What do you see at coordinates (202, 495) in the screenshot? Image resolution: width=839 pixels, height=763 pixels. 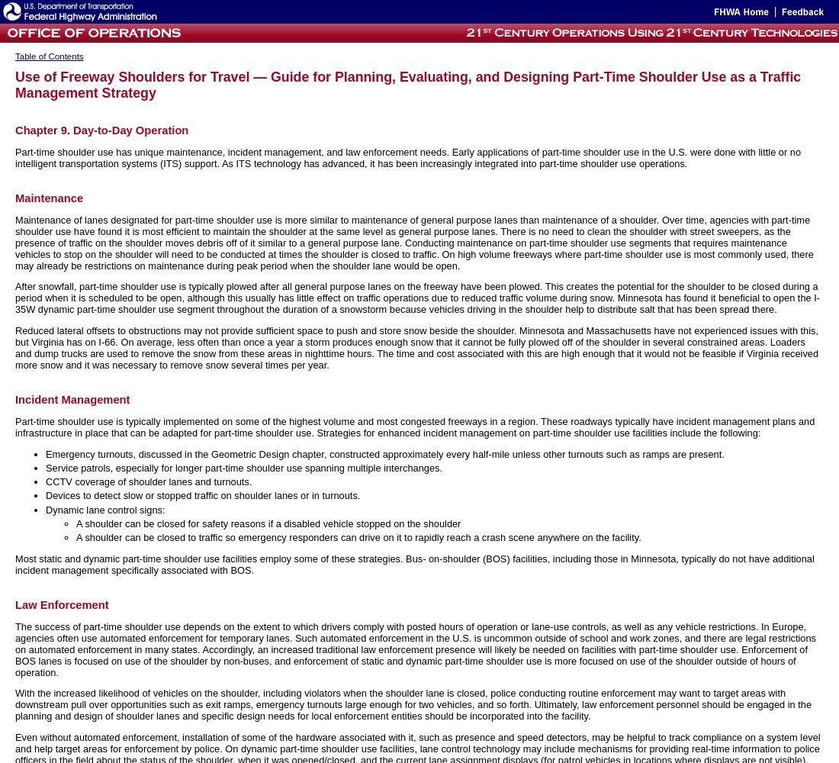 I see `'Devices to detect slow or stopped traffic on shoulder lanes or in turnouts.'` at bounding box center [202, 495].